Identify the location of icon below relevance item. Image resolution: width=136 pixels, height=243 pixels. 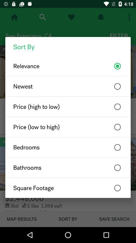
(68, 86).